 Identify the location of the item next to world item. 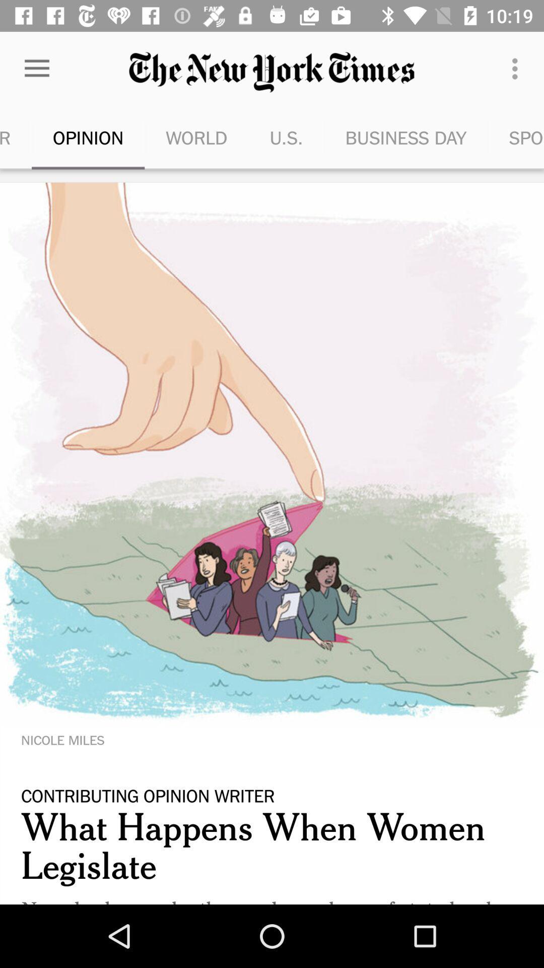
(286, 137).